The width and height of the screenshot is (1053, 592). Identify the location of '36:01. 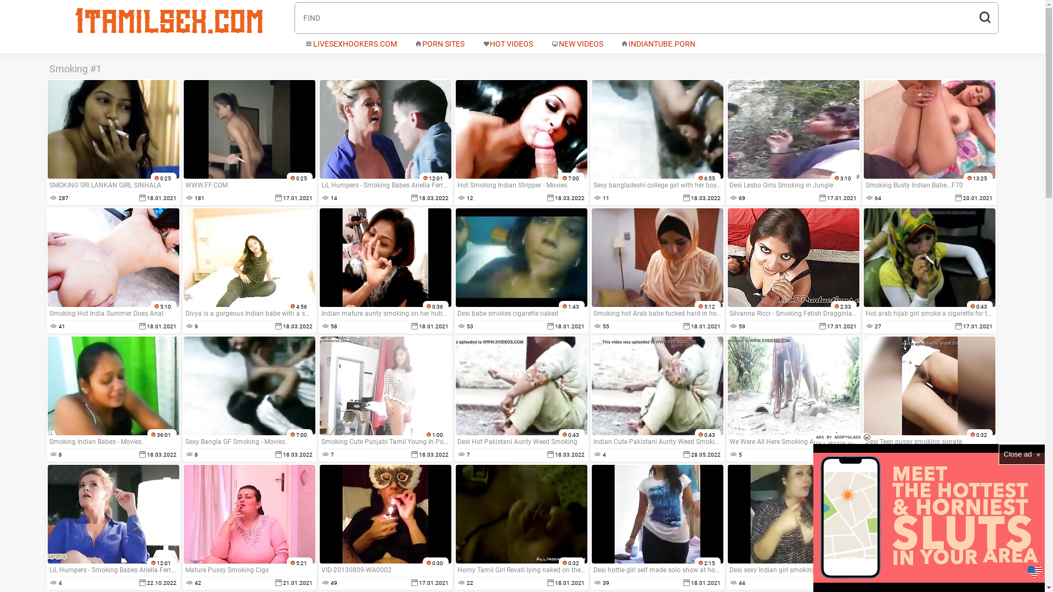
(113, 398).